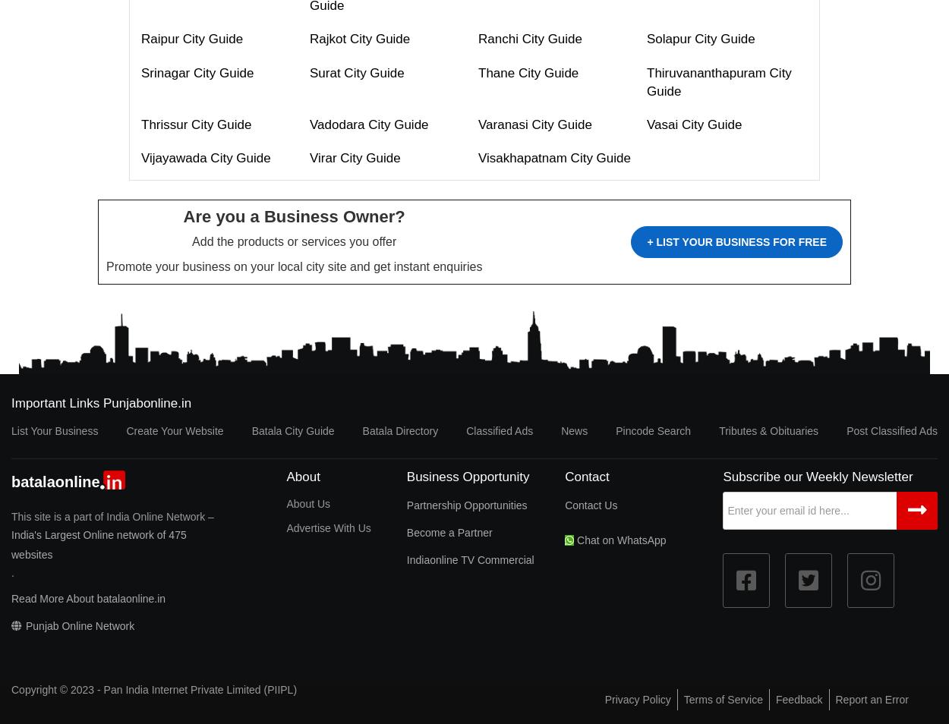 The image size is (949, 724). Describe the element at coordinates (683, 698) in the screenshot. I see `'Terms of Service'` at that location.